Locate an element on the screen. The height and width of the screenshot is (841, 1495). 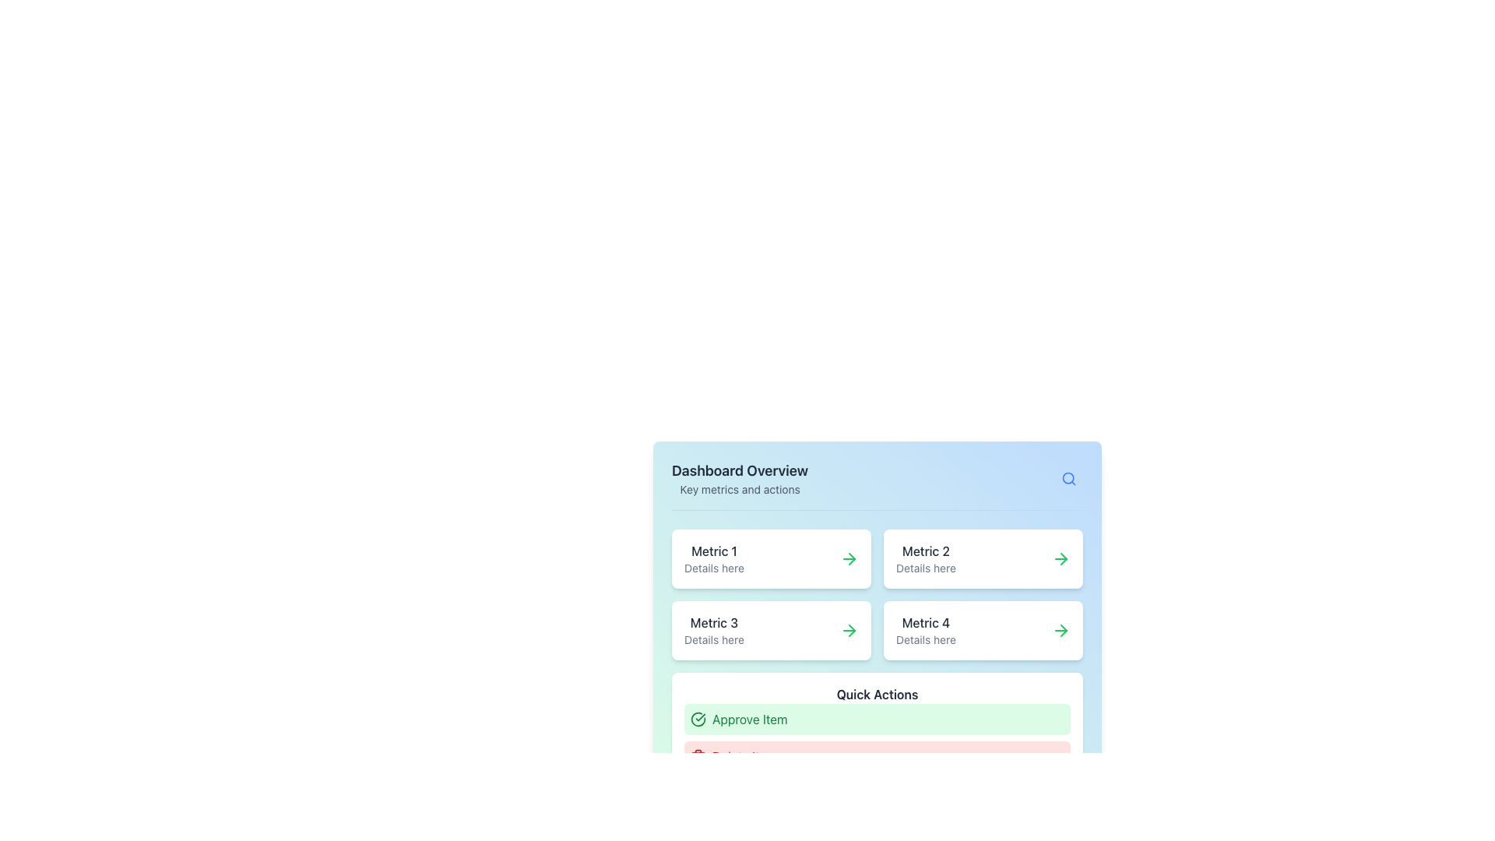
the rightward arrow icon located in the 'Metric 3' section of the dashboard is located at coordinates (851, 631).